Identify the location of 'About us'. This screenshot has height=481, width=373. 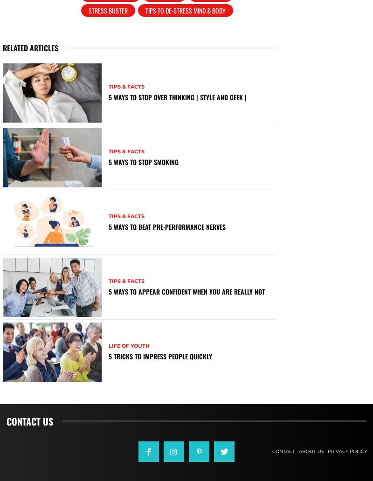
(310, 451).